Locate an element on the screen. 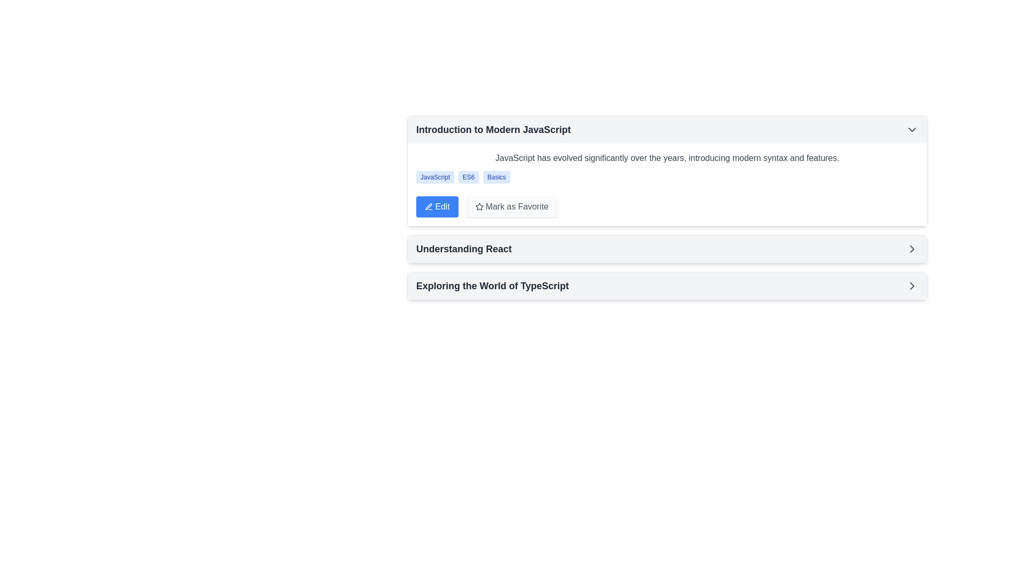 The height and width of the screenshot is (570, 1013). the text content of the tag or label located to the far left under the heading 'Introduction to Modern JavaScript' is located at coordinates (435, 176).